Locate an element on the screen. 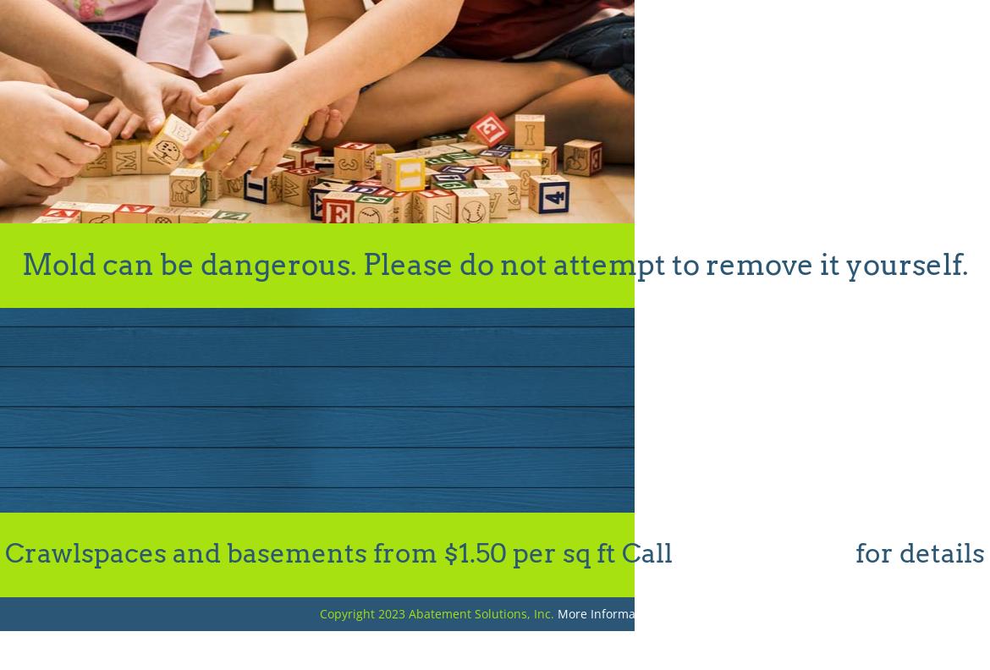 The height and width of the screenshot is (670, 990). '-C Beyers' is located at coordinates (465, 609).